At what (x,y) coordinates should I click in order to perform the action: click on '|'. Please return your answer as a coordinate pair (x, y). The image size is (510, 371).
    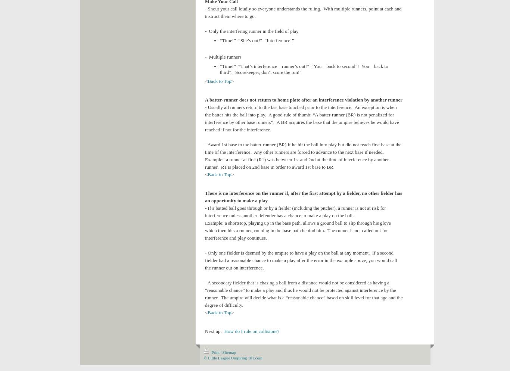
    Looking at the image, I should click on (220, 352).